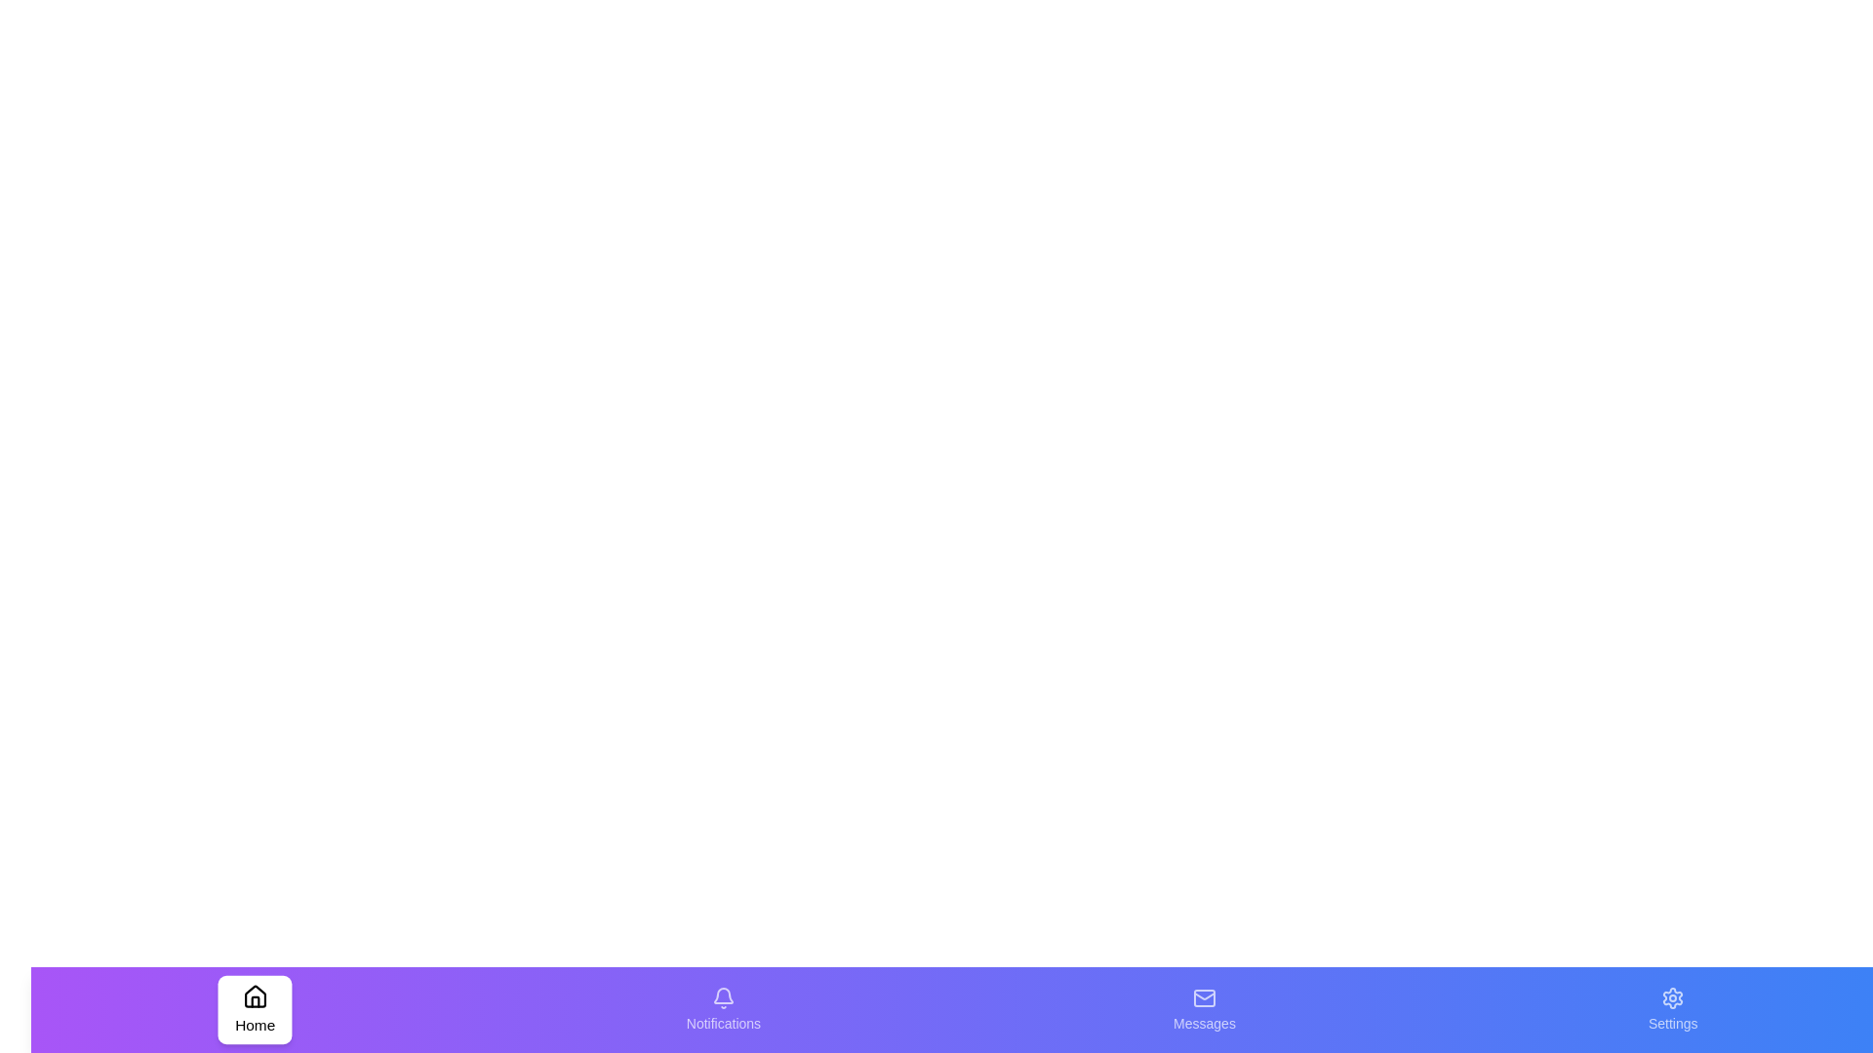 This screenshot has height=1053, width=1873. I want to click on the Notifications tab to observe its visual feedback, so click(722, 1009).